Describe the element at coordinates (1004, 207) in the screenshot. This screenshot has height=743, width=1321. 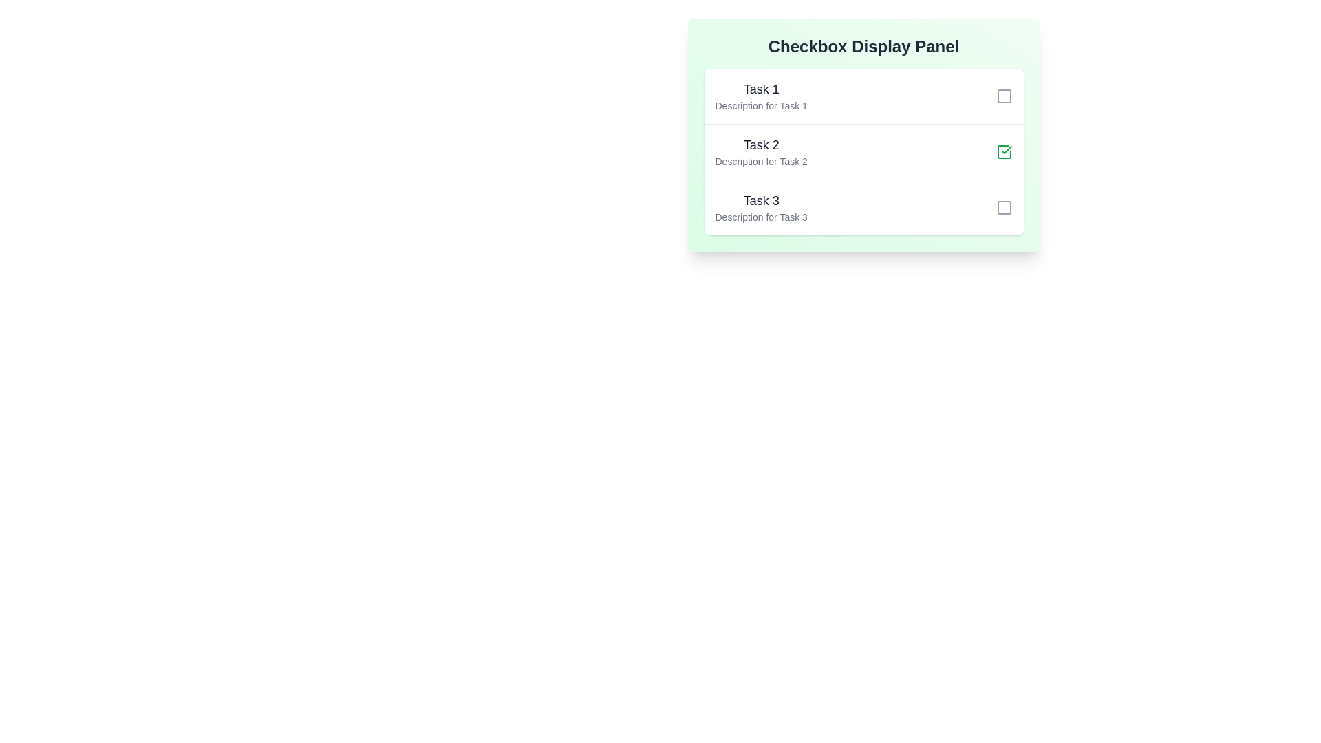
I see `the checkbox for Task 3` at that location.